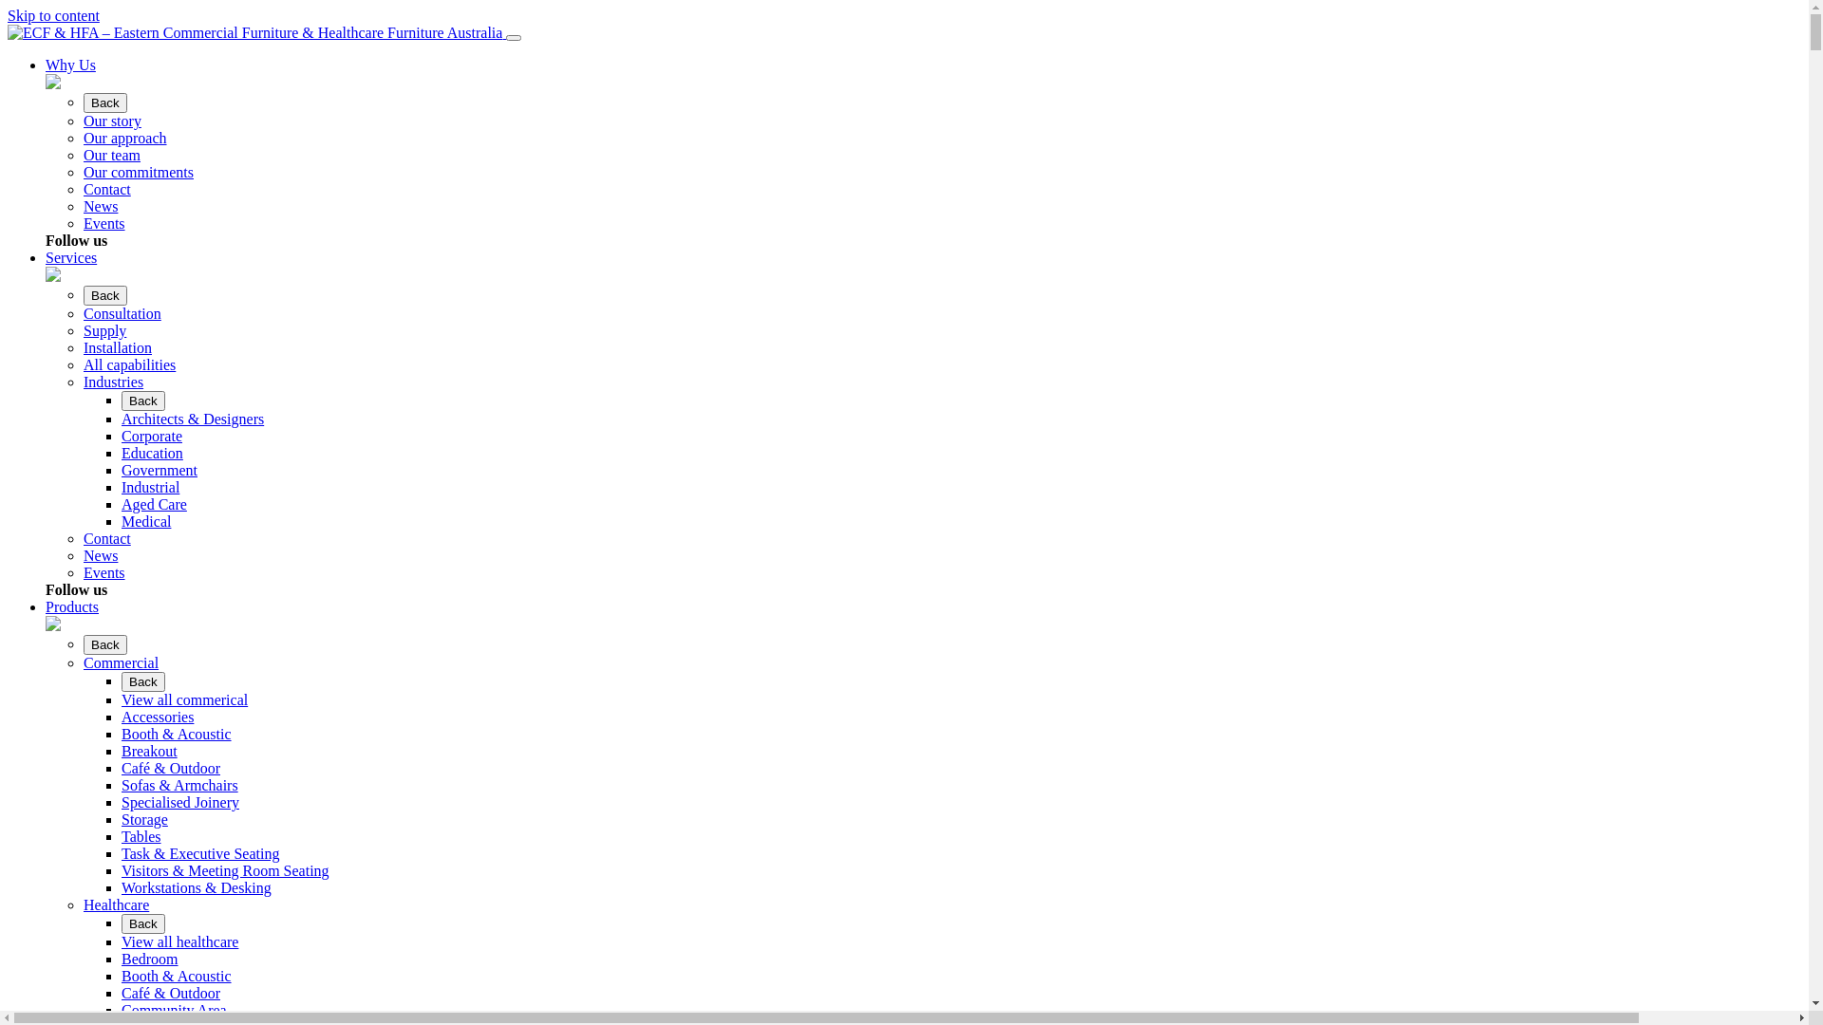 This screenshot has width=1823, height=1025. Describe the element at coordinates (121, 470) in the screenshot. I see `'Government'` at that location.